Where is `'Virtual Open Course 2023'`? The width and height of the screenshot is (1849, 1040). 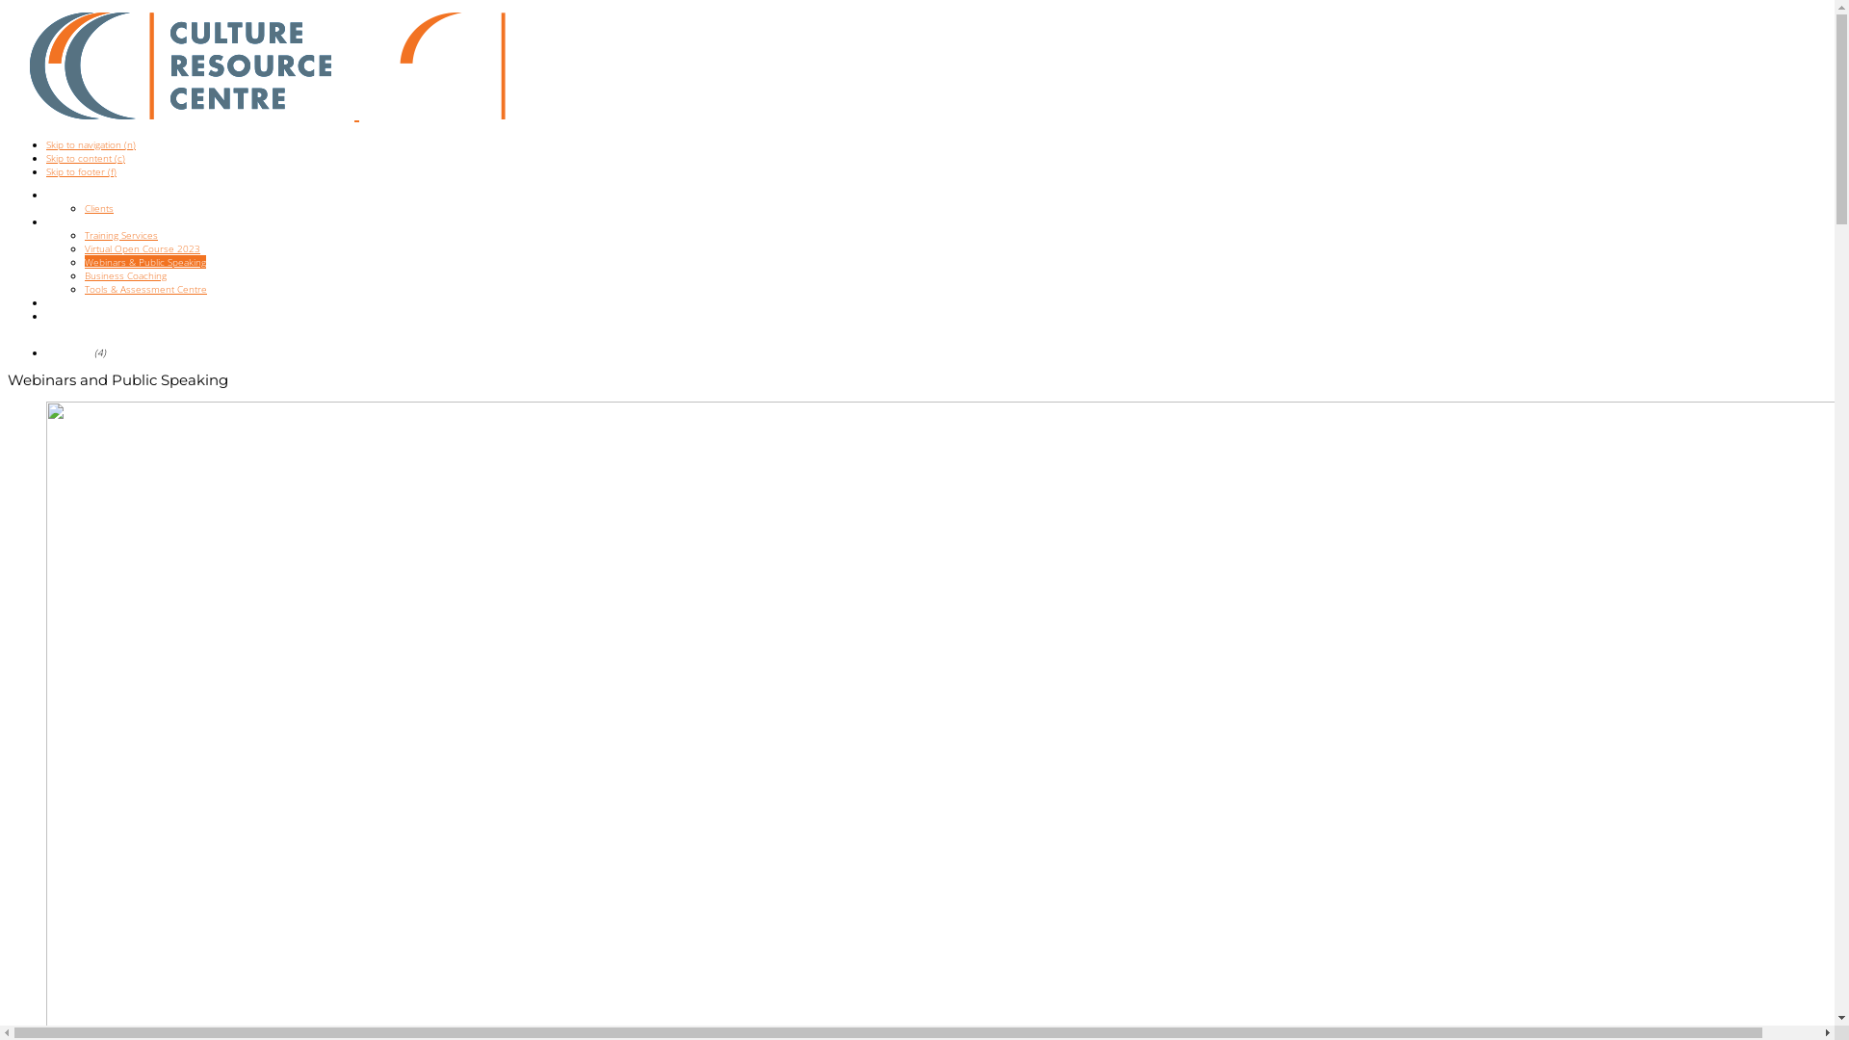 'Virtual Open Course 2023' is located at coordinates (142, 247).